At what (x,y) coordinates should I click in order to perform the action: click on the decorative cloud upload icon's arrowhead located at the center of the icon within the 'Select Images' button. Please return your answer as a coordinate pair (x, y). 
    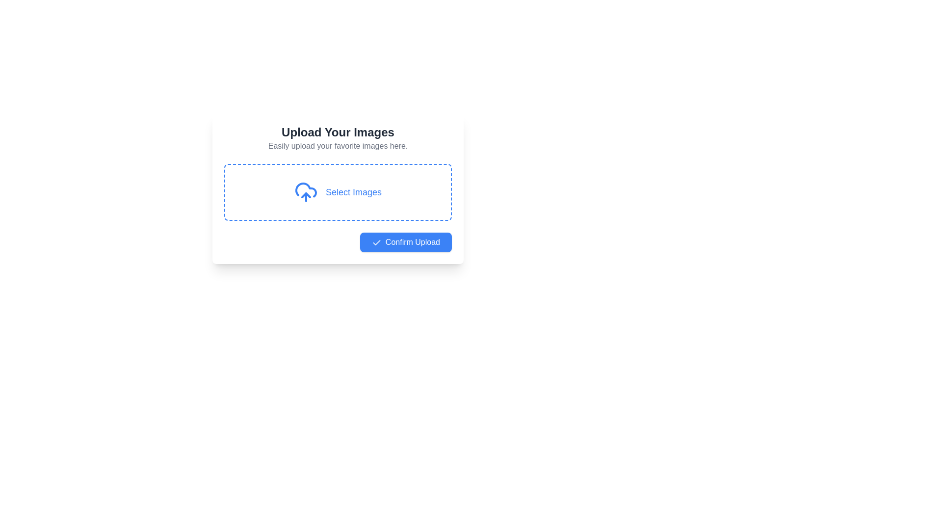
    Looking at the image, I should click on (306, 195).